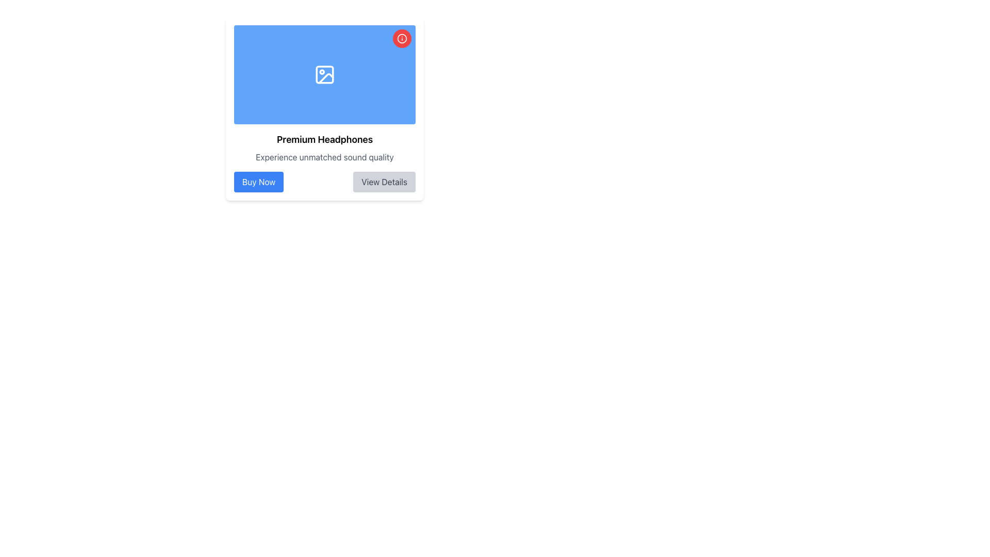 The image size is (990, 557). What do you see at coordinates (401, 38) in the screenshot?
I see `the informational button located in the top-right corner of the card above the 'Premium Headphones' and 'Buy Now' buttons` at bounding box center [401, 38].